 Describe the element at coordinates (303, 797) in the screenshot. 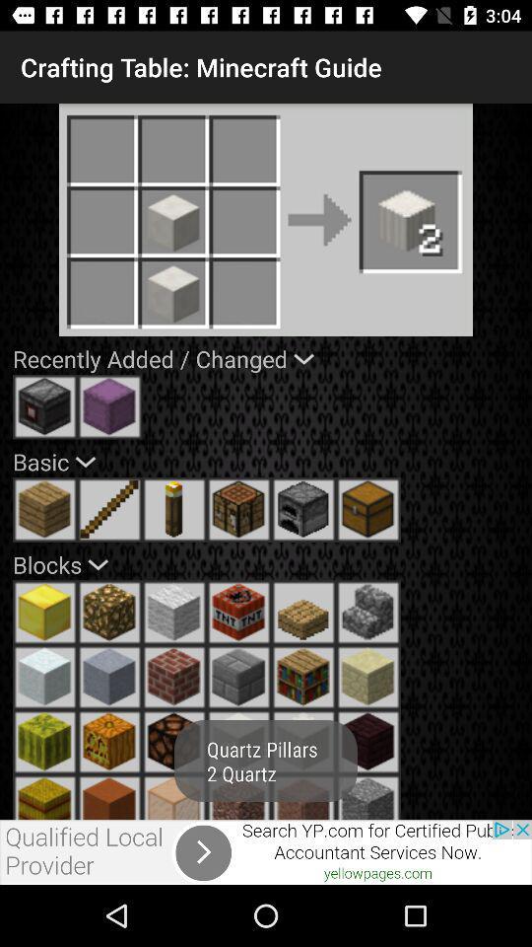

I see `quartz pillars` at that location.